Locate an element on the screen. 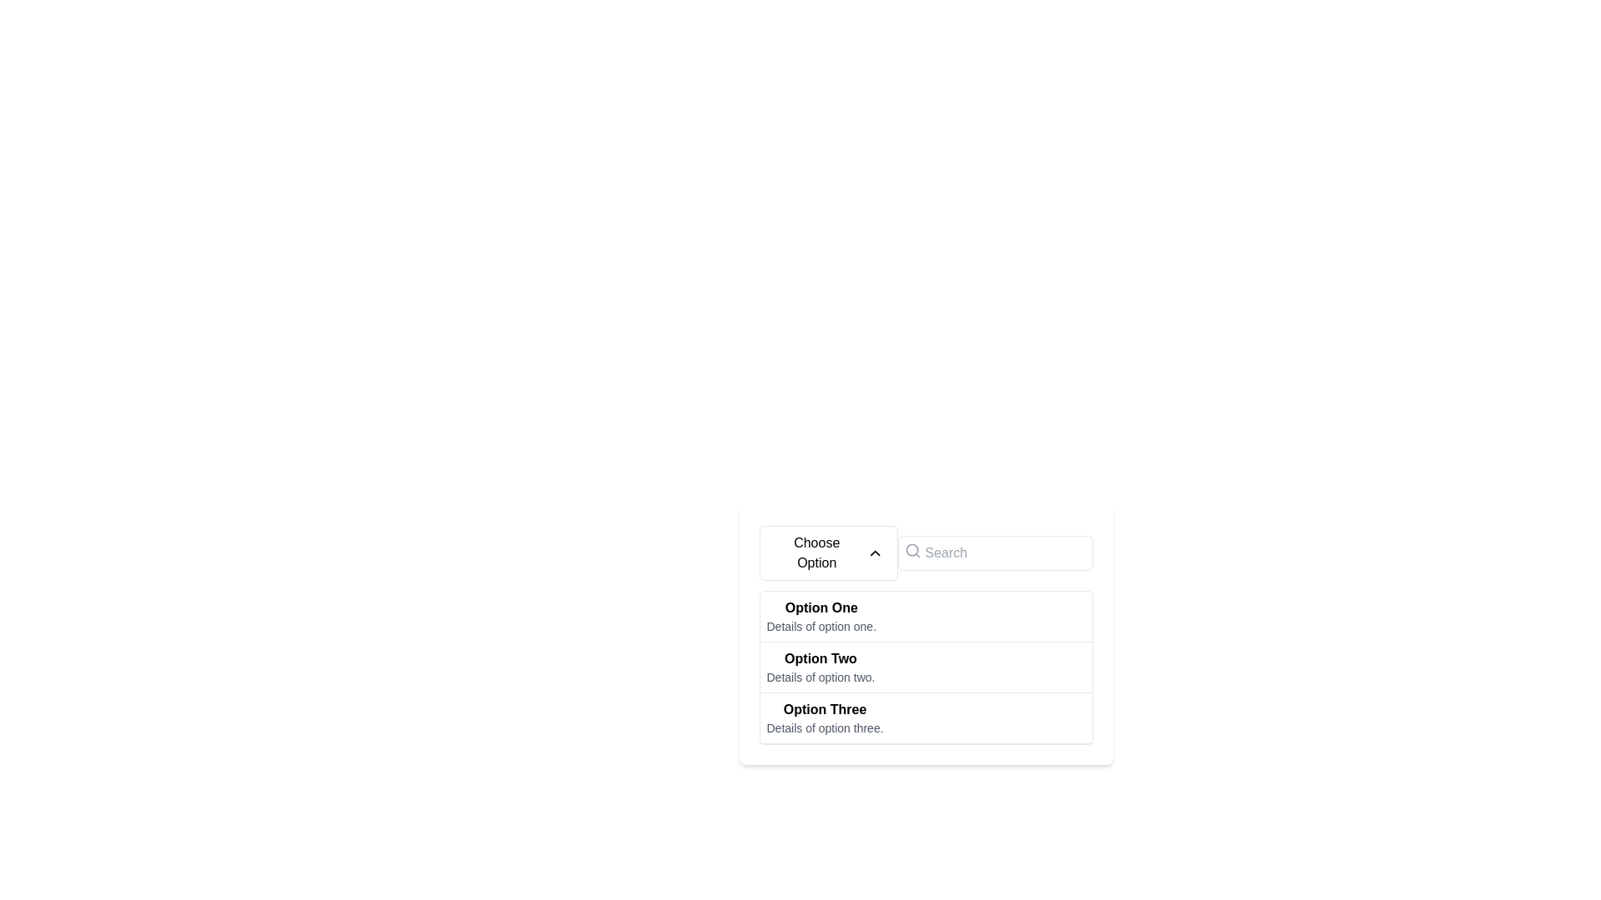  the search icon located to the left of the 'Search' text input field to interact with it is located at coordinates (911, 550).